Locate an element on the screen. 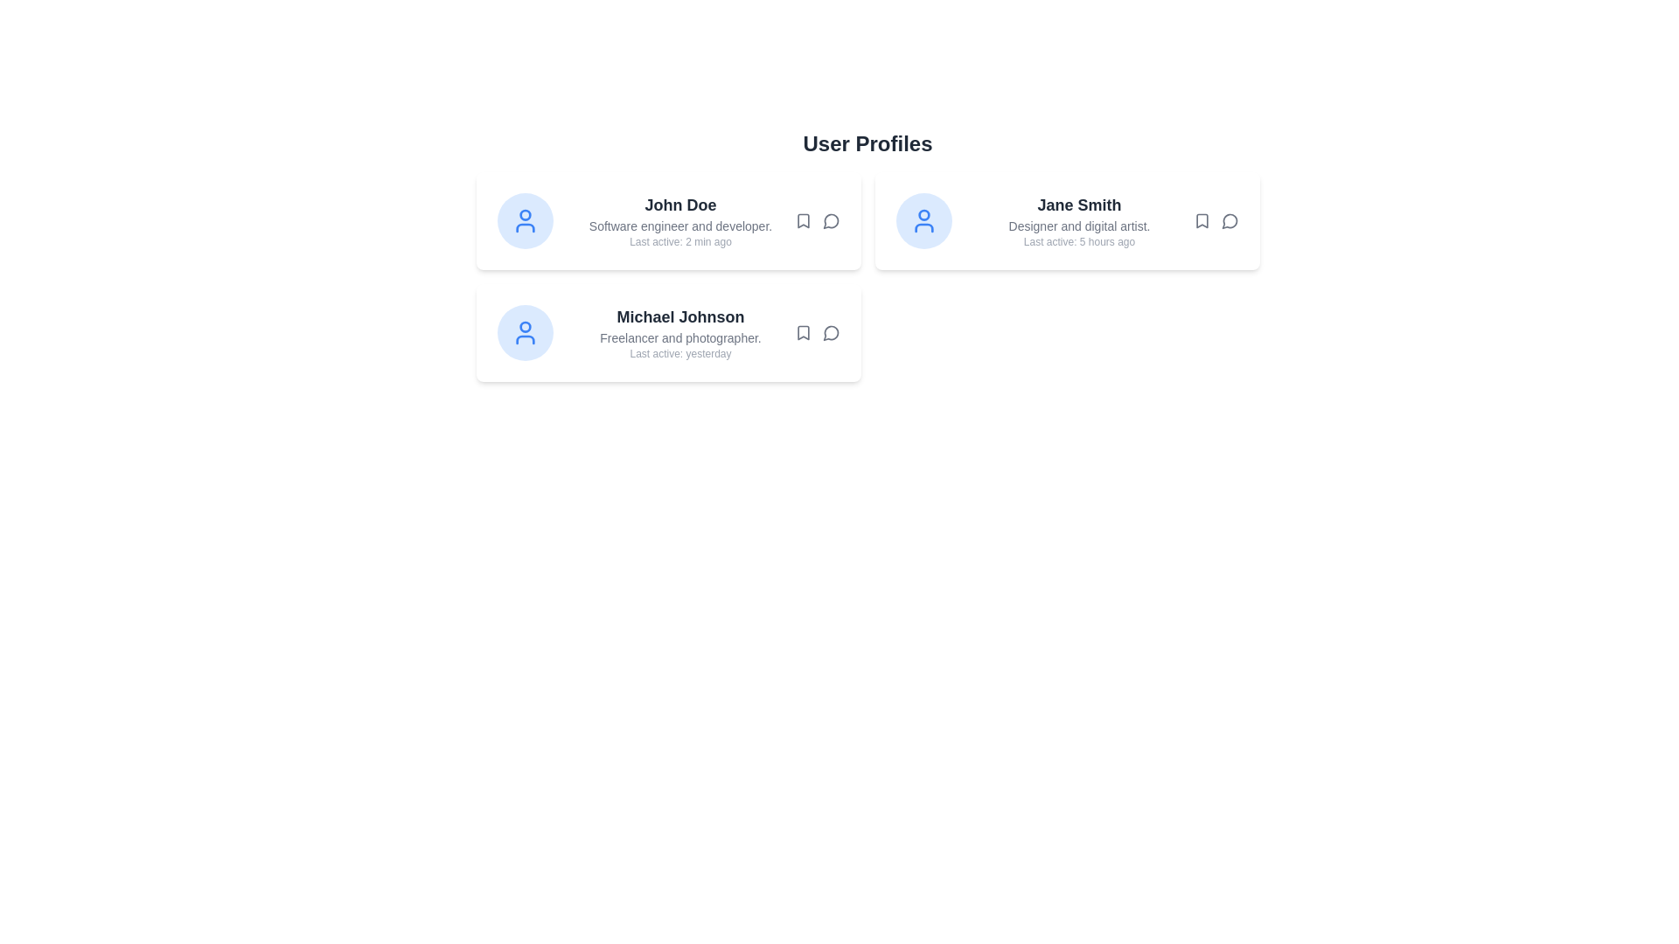 The width and height of the screenshot is (1679, 944). the speech bubble icon located on the right side of 'Last active: 5 hours ago' in the user profile card for 'Jane Smith' is located at coordinates (1215, 220).